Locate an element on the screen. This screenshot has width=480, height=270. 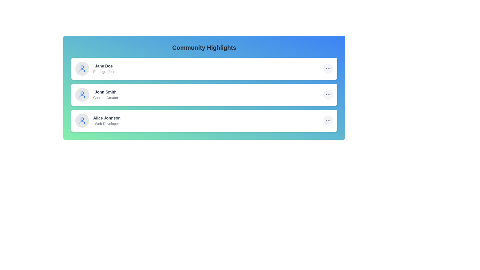
the user profile icon located to the left of the name 'Alice Johnson' and title 'Web Developer' in the bottommost item of a vertically stacked list is located at coordinates (82, 120).